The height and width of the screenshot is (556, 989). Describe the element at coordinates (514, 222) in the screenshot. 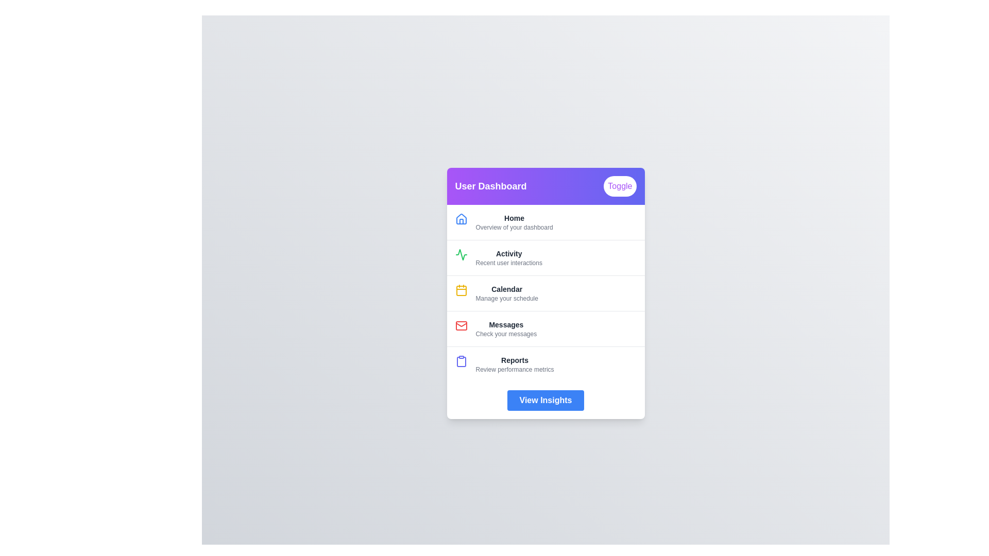

I see `the menu item corresponding to Home` at that location.